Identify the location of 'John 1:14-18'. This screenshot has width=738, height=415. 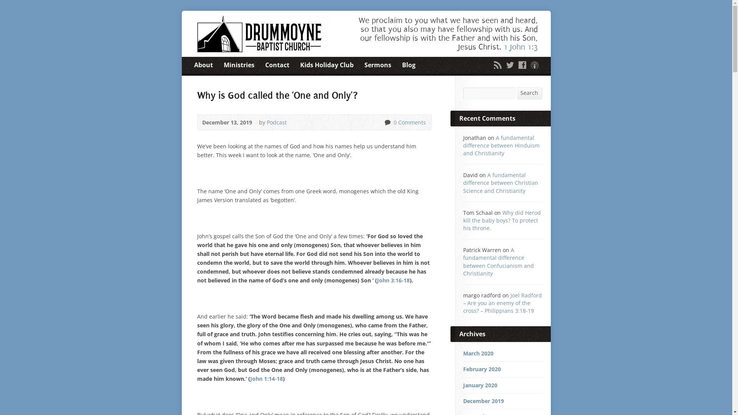
(266, 378).